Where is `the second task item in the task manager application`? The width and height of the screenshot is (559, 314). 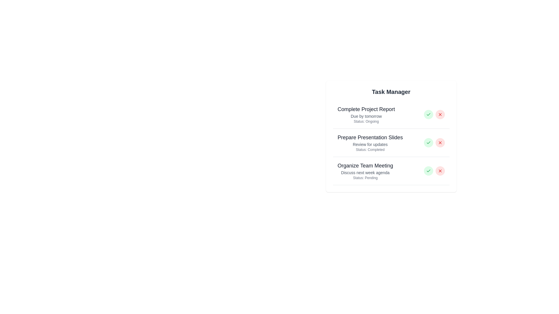
the second task item in the task manager application is located at coordinates (391, 143).